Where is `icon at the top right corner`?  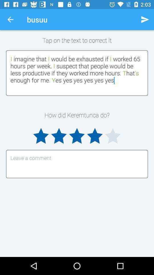 icon at the top right corner is located at coordinates (145, 19).